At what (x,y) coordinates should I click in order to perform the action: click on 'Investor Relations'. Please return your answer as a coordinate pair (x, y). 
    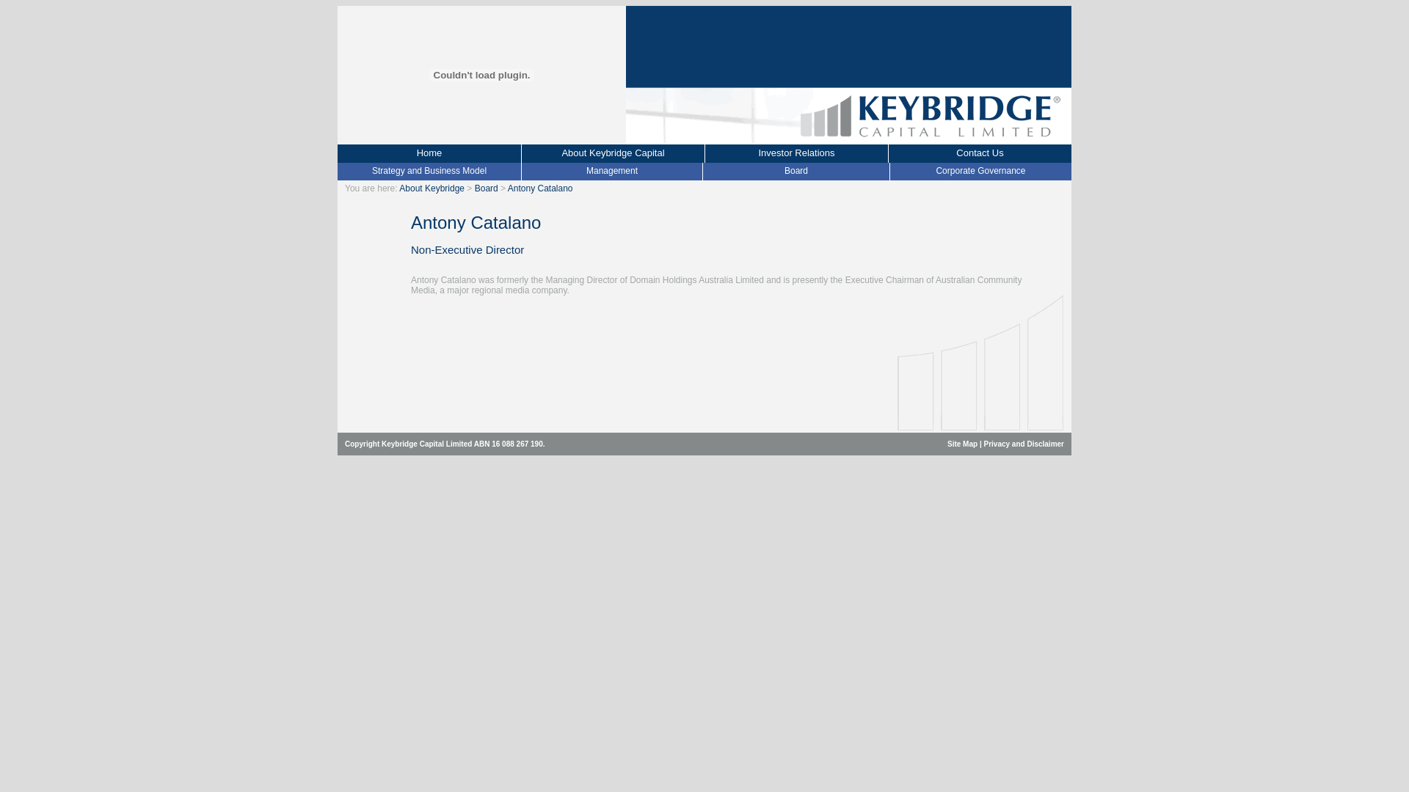
    Looking at the image, I should click on (795, 153).